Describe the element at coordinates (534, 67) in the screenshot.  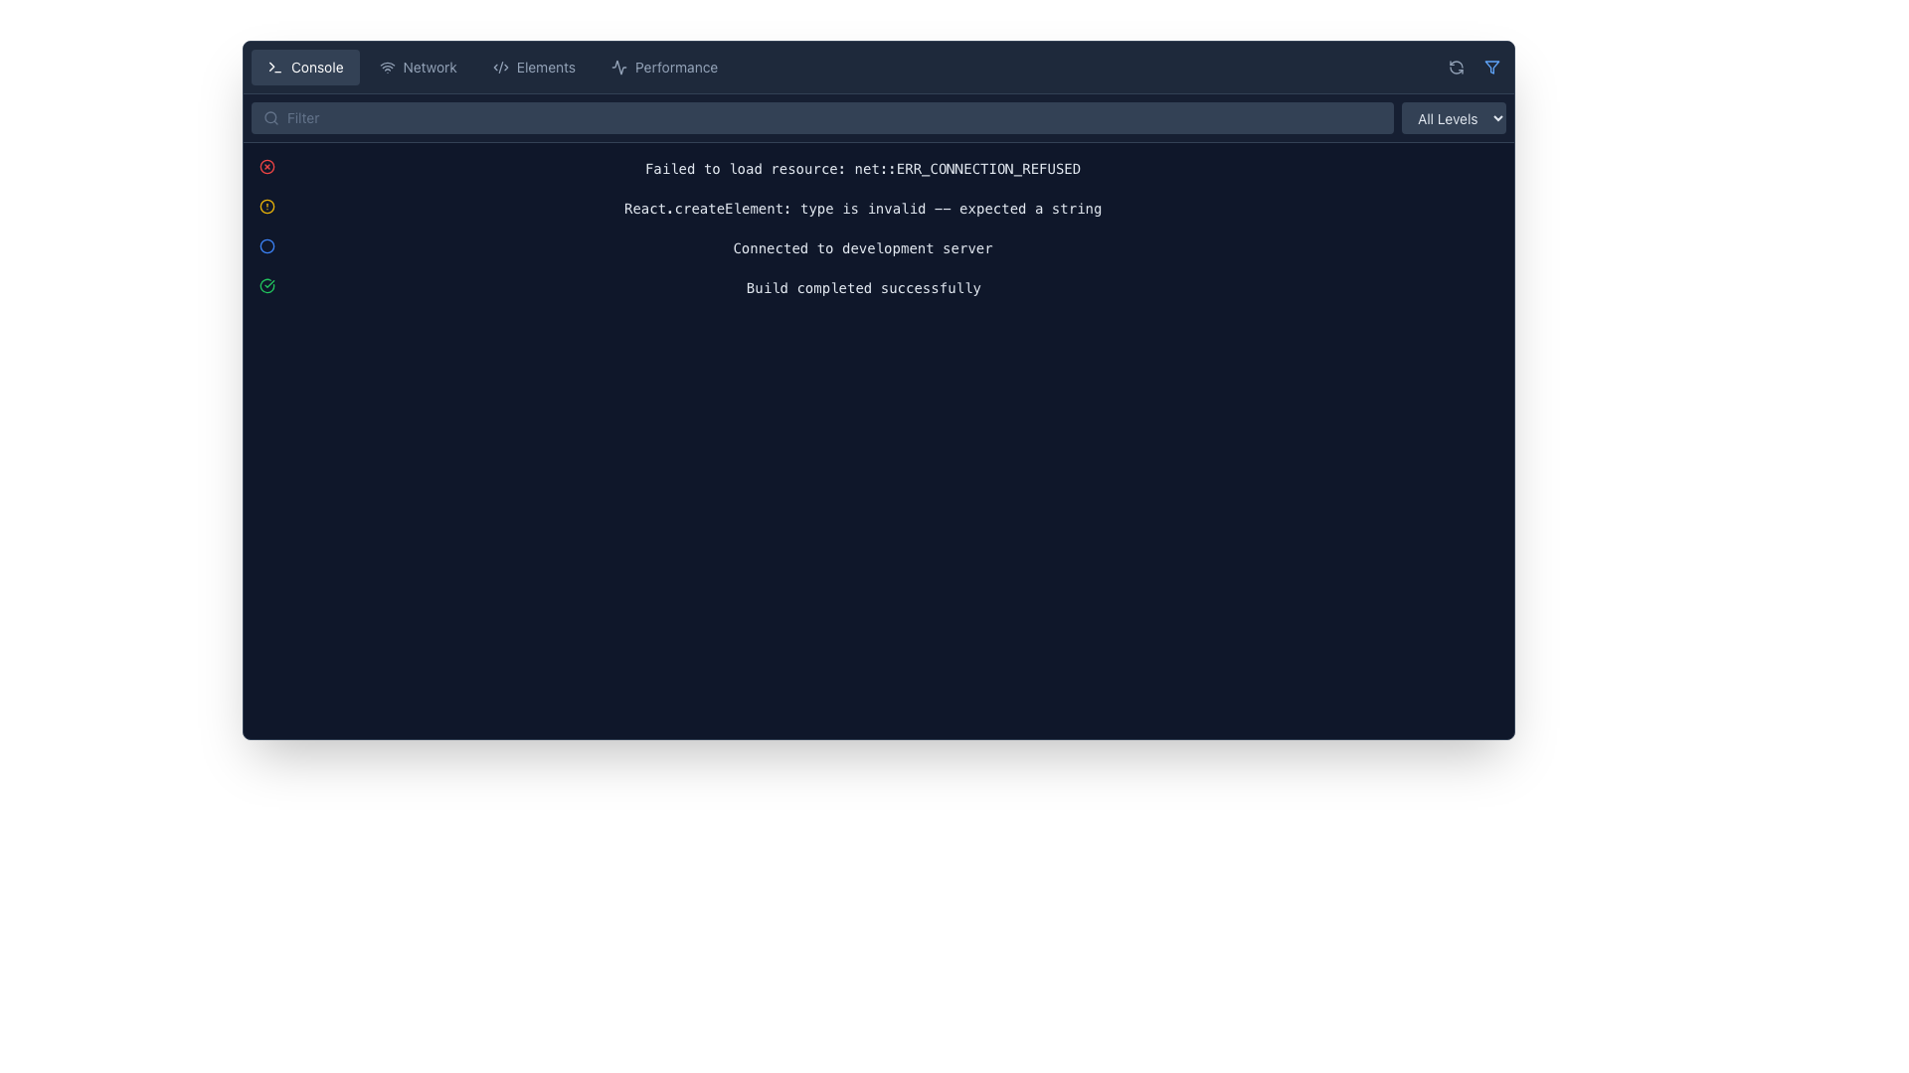
I see `the 'Elements' navigation tab button` at that location.